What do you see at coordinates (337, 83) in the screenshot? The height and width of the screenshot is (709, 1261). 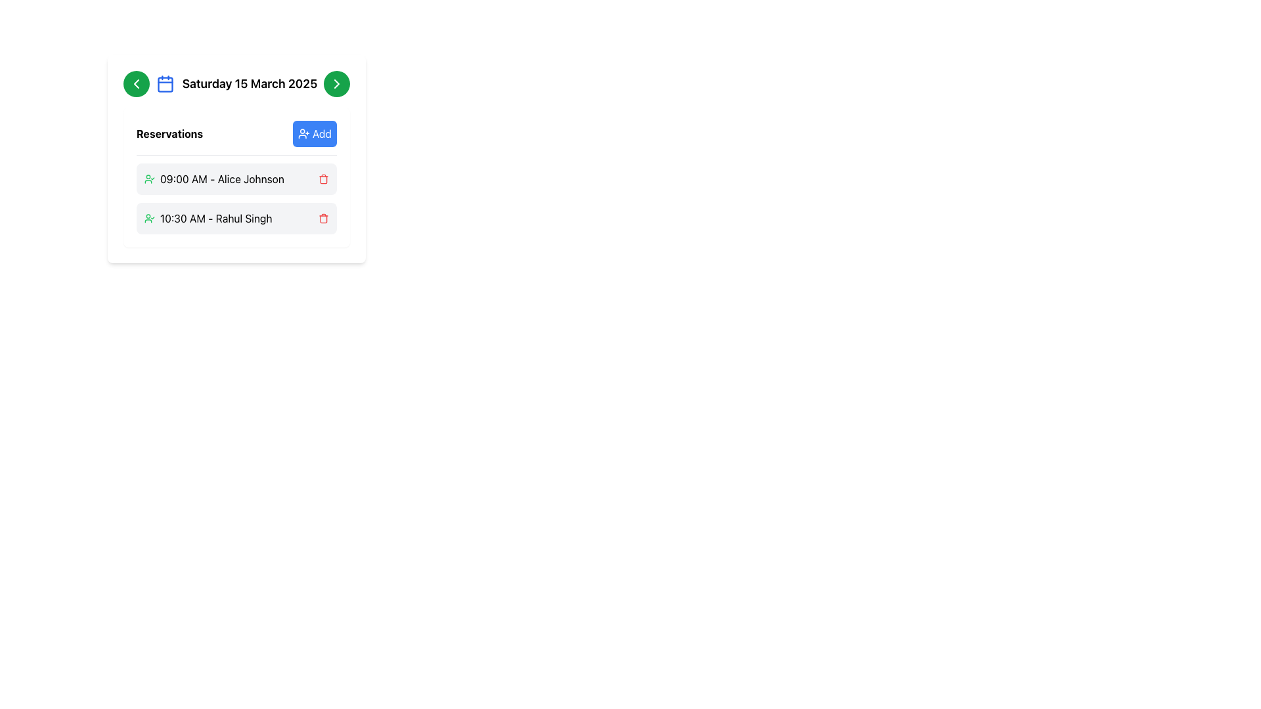 I see `the chevron arrow SVG graphic located at the rightmost position in the header area of the reservation interface` at bounding box center [337, 83].